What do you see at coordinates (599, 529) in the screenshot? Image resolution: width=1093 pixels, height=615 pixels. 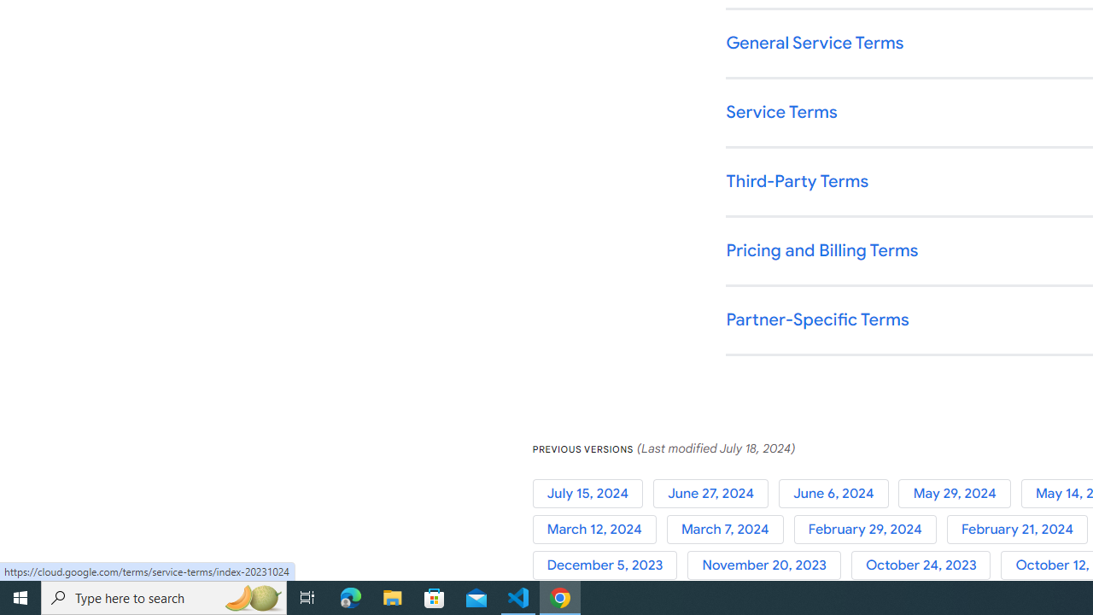 I see `'March 12, 2024'` at bounding box center [599, 529].